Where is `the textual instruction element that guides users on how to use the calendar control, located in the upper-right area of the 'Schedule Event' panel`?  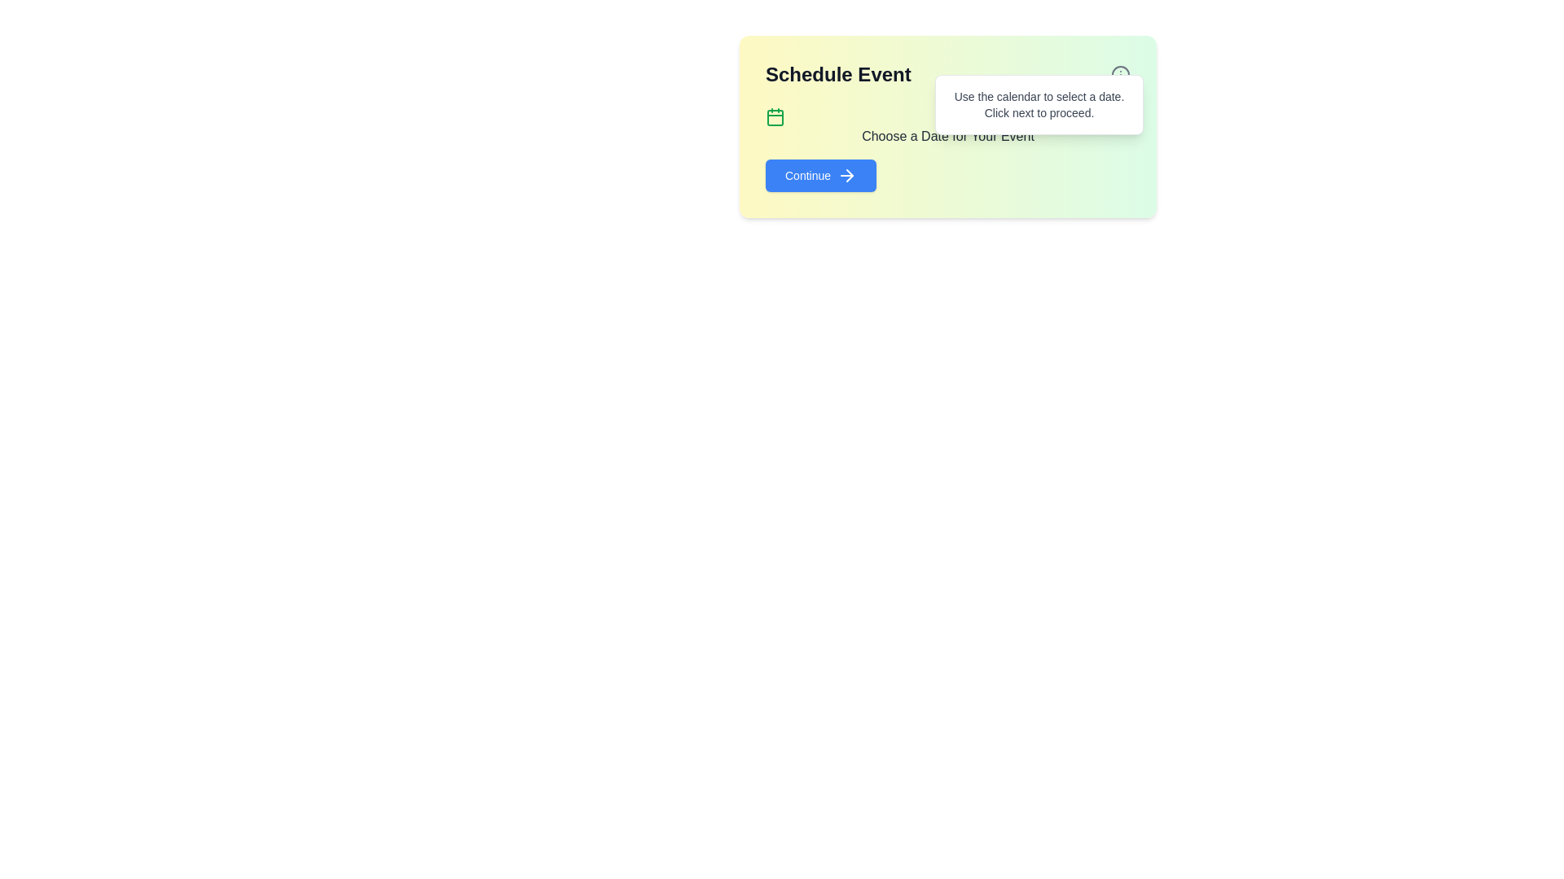
the textual instruction element that guides users on how to use the calendar control, located in the upper-right area of the 'Schedule Event' panel is located at coordinates (1039, 104).